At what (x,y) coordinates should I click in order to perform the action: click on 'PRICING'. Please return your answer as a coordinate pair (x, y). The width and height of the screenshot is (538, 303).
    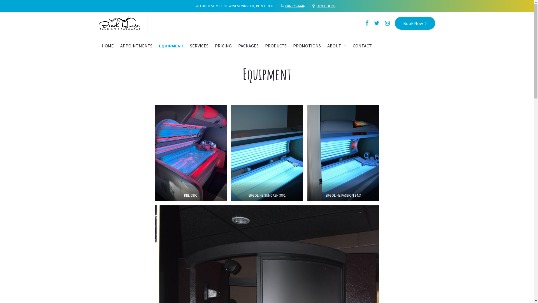
    Looking at the image, I should click on (223, 45).